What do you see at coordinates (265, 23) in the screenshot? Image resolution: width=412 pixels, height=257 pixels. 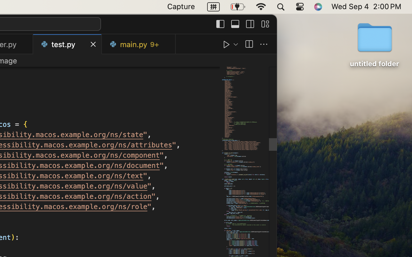 I see `''` at bounding box center [265, 23].